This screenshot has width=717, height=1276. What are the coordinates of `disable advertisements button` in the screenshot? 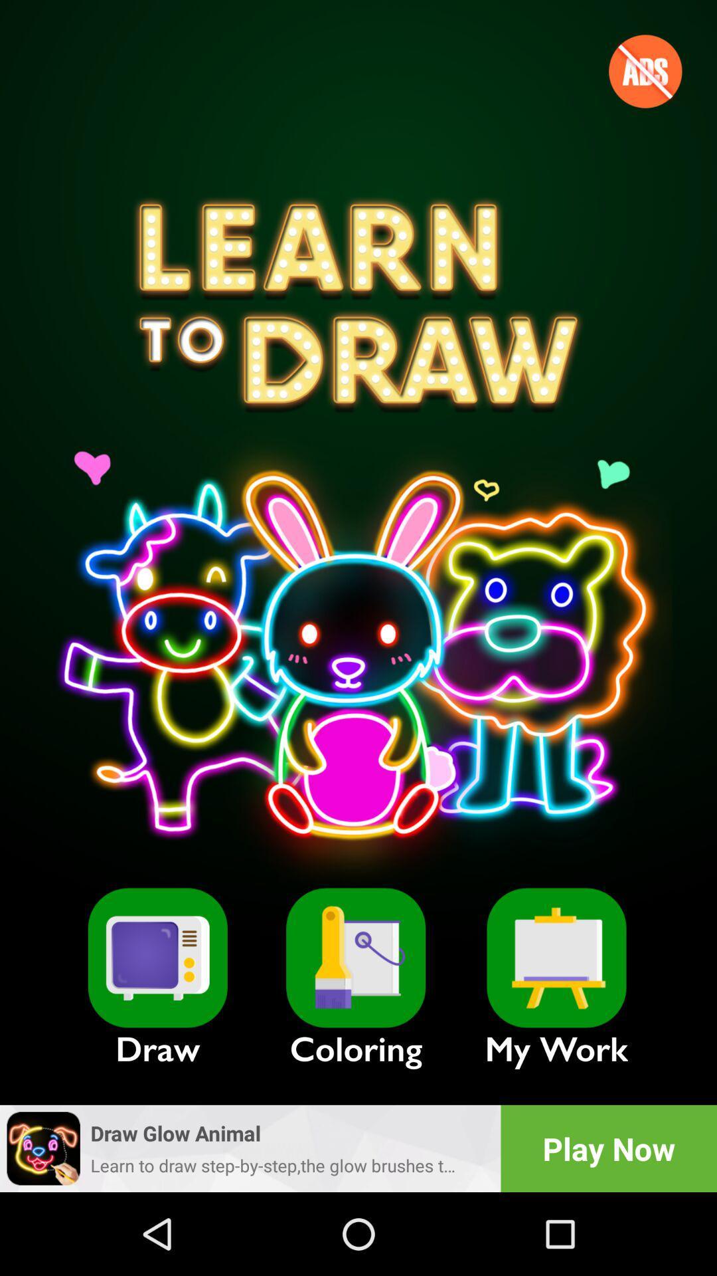 It's located at (645, 70).